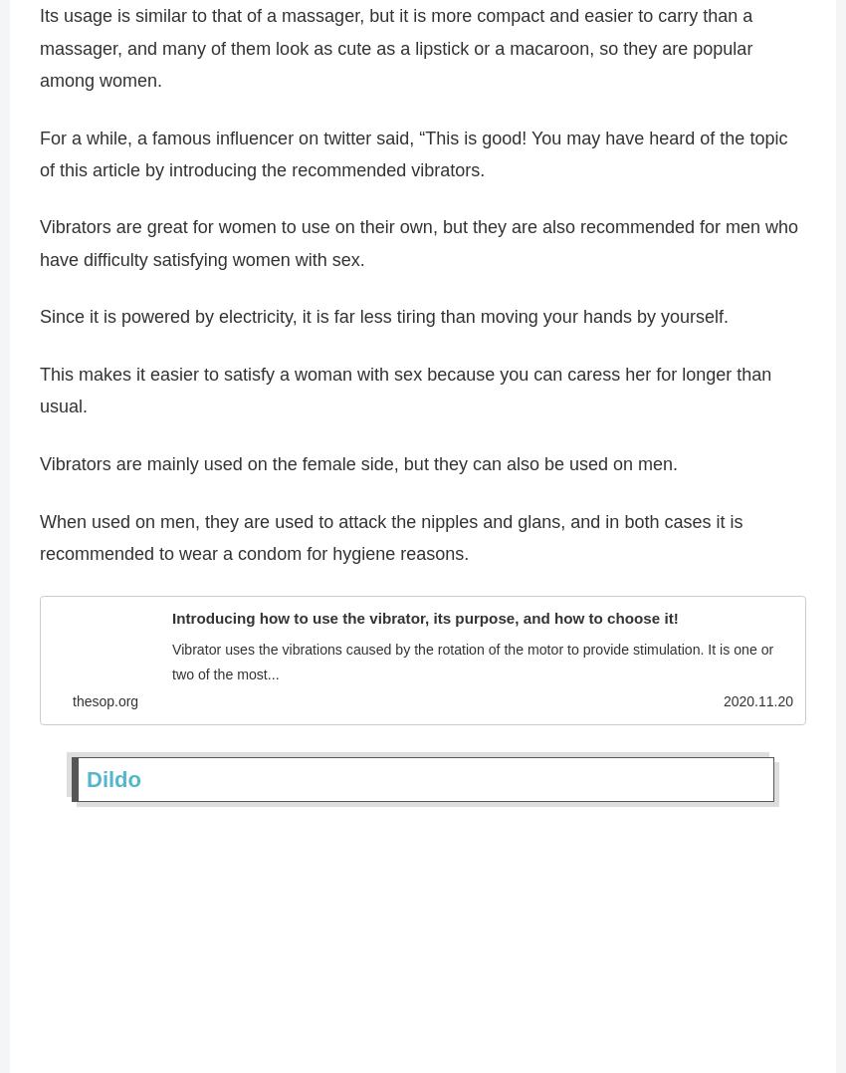 This screenshot has height=1073, width=846. I want to click on 'Its usage is similar to that of a massager, but it is more compact and easier to carry than a massager, and many of them look as cute as a lipstick or a macaroon, so they are popular among women.', so click(395, 54).